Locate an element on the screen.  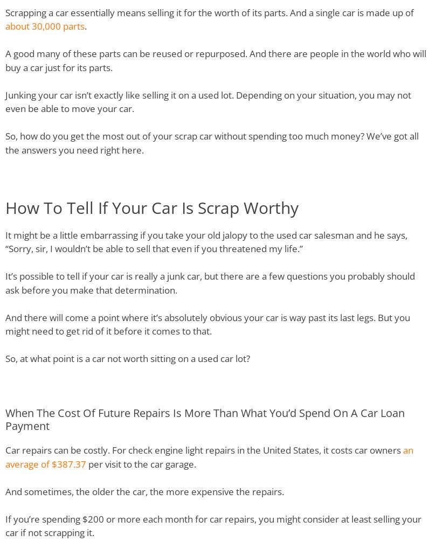
'an average of $387.37' is located at coordinates (209, 456).